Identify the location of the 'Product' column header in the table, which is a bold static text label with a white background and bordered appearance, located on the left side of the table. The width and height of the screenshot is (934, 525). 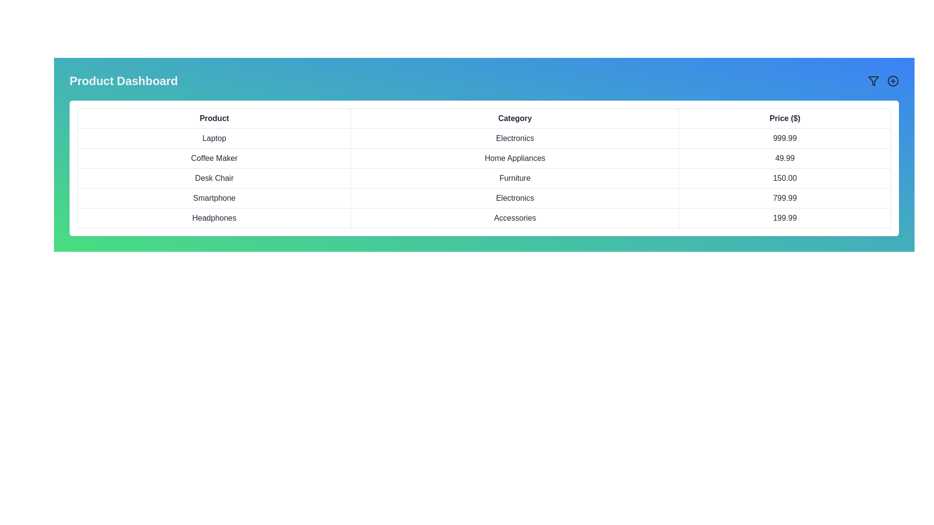
(214, 118).